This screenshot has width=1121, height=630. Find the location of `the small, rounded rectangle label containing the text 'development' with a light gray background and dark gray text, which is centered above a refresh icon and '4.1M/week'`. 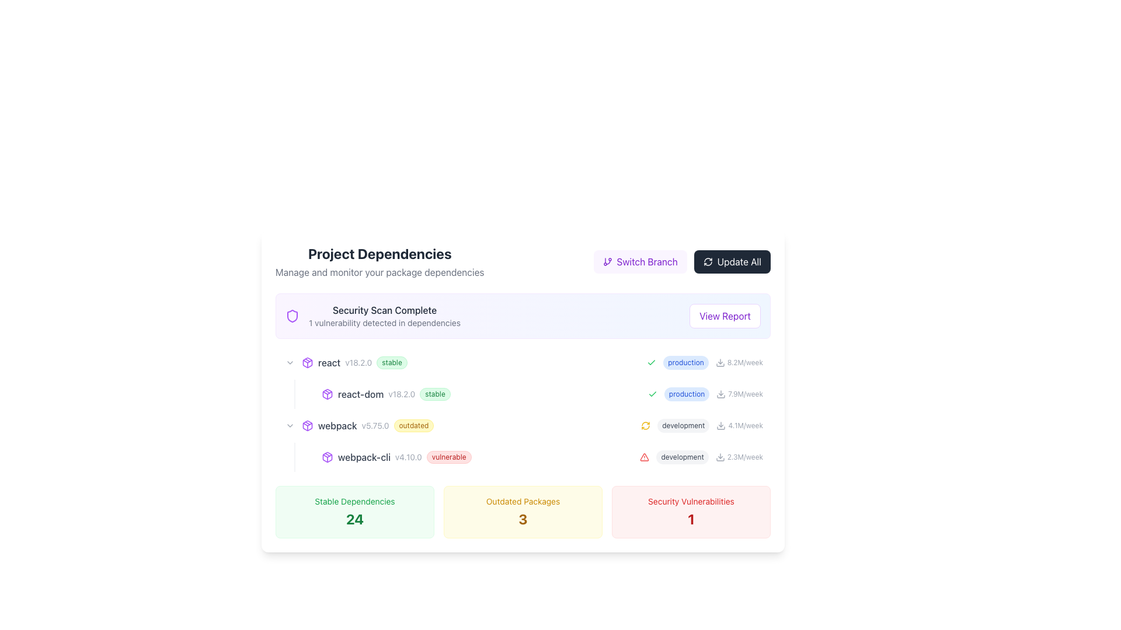

the small, rounded rectangle label containing the text 'development' with a light gray background and dark gray text, which is centered above a refresh icon and '4.1M/week' is located at coordinates (683, 425).